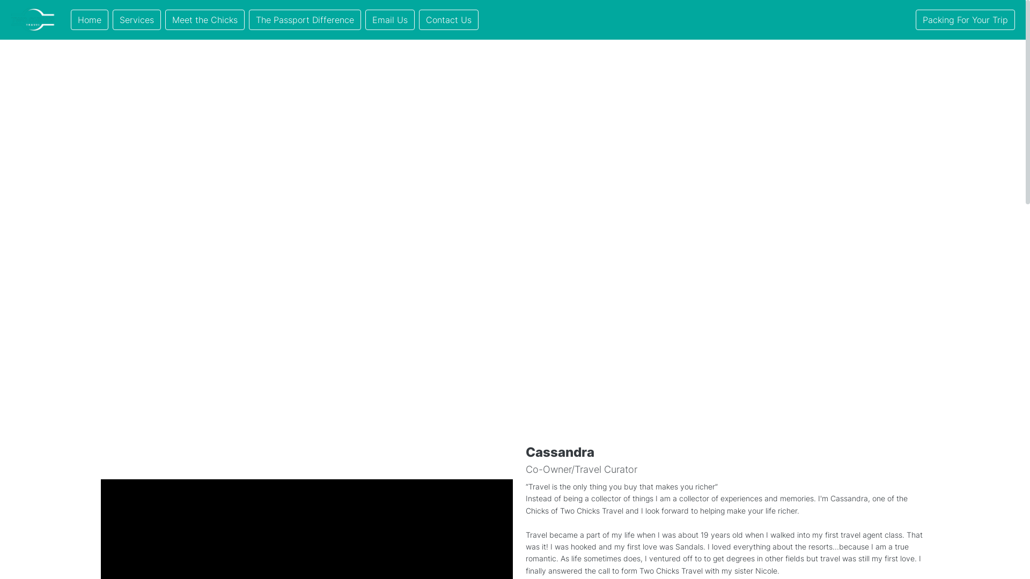  What do you see at coordinates (90, 20) in the screenshot?
I see `'Home'` at bounding box center [90, 20].